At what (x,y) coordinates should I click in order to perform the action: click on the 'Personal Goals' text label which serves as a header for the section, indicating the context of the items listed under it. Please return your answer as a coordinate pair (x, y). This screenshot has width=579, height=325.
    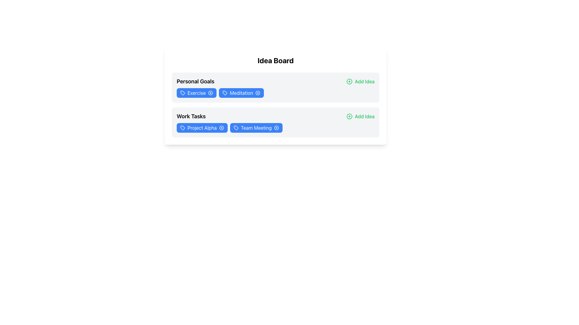
    Looking at the image, I should click on (195, 81).